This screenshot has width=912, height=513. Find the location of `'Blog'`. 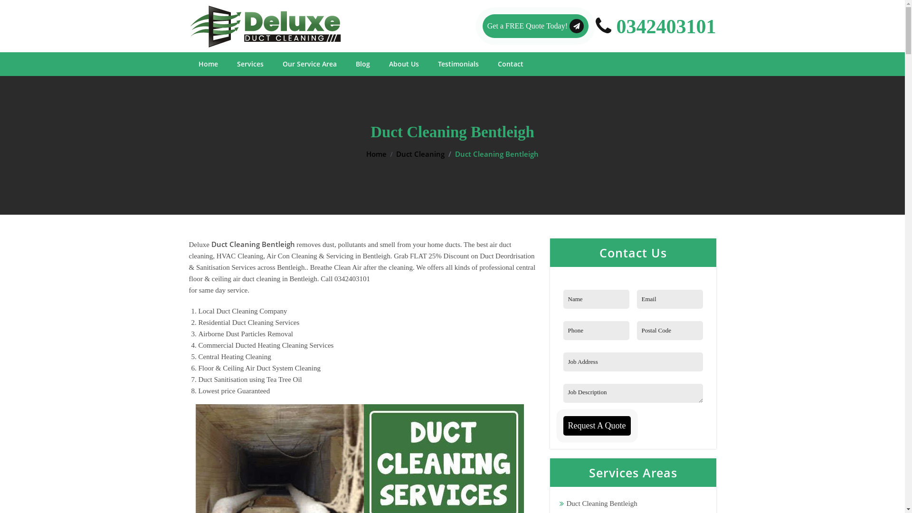

'Blog' is located at coordinates (362, 64).